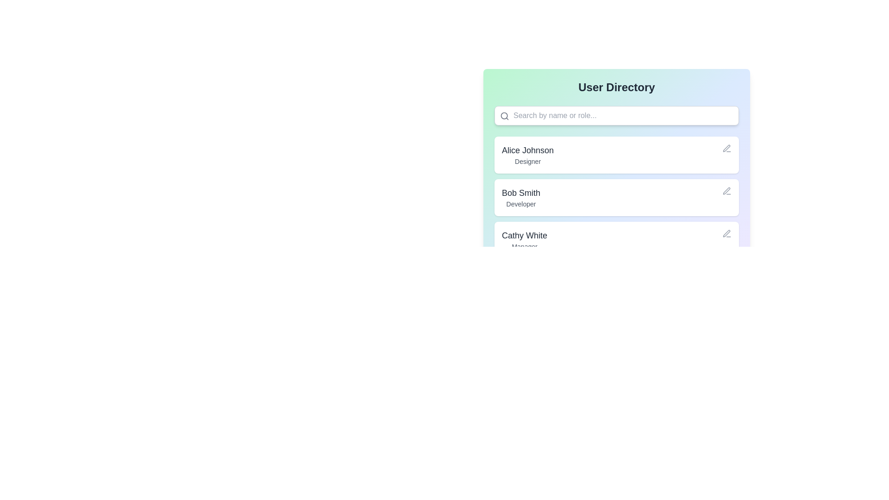 The width and height of the screenshot is (889, 500). Describe the element at coordinates (726, 233) in the screenshot. I see `the pen-shaped icon in gray color located at the top-right corner of Bob Smith's user card to change its color, indicating interactivity` at that location.